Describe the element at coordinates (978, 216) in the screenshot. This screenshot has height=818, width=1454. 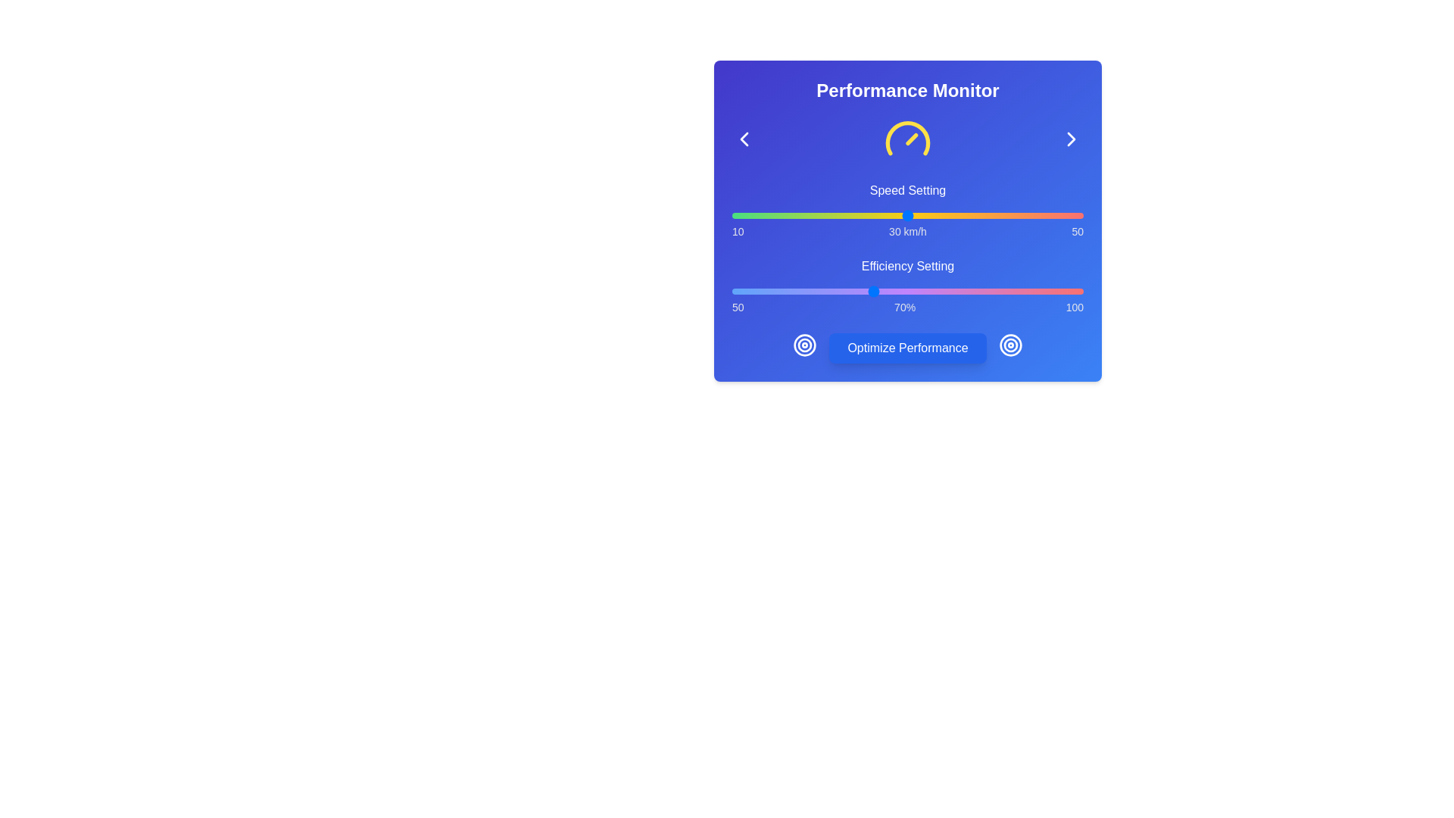
I see `the speed slider to 38 km/h` at that location.